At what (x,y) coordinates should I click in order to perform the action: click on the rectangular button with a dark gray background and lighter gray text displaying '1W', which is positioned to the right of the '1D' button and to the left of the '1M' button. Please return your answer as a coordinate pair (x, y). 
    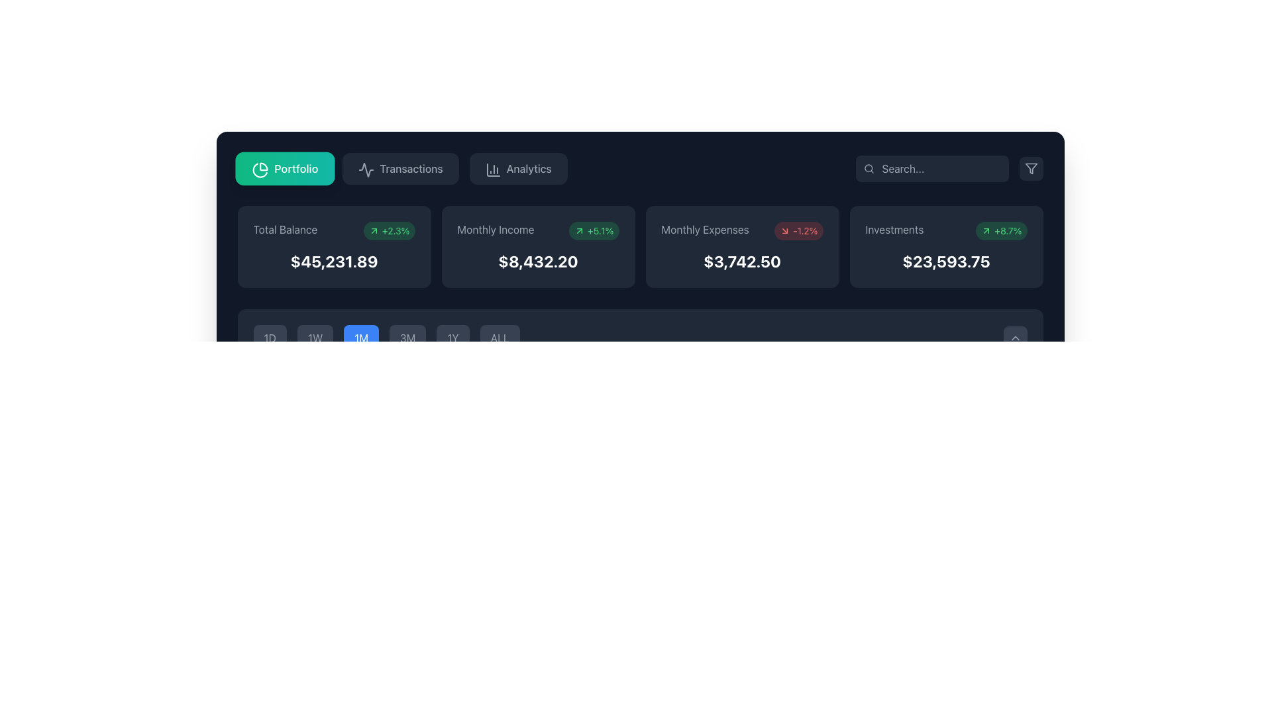
    Looking at the image, I should click on (314, 337).